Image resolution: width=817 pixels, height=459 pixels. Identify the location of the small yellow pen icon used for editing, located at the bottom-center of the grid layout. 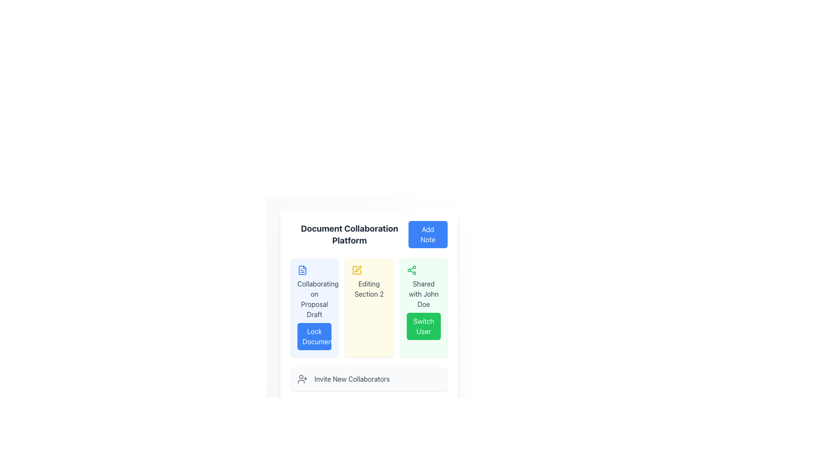
(358, 269).